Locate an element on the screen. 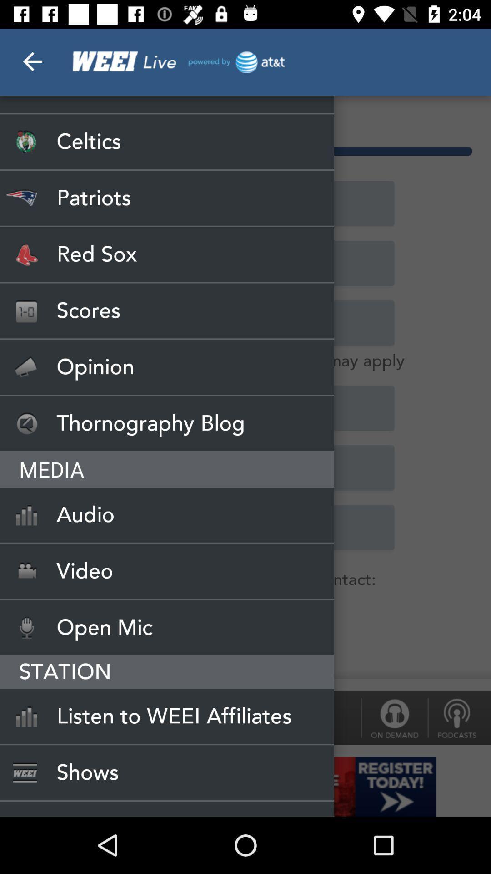  the lock icon is located at coordinates (394, 717).